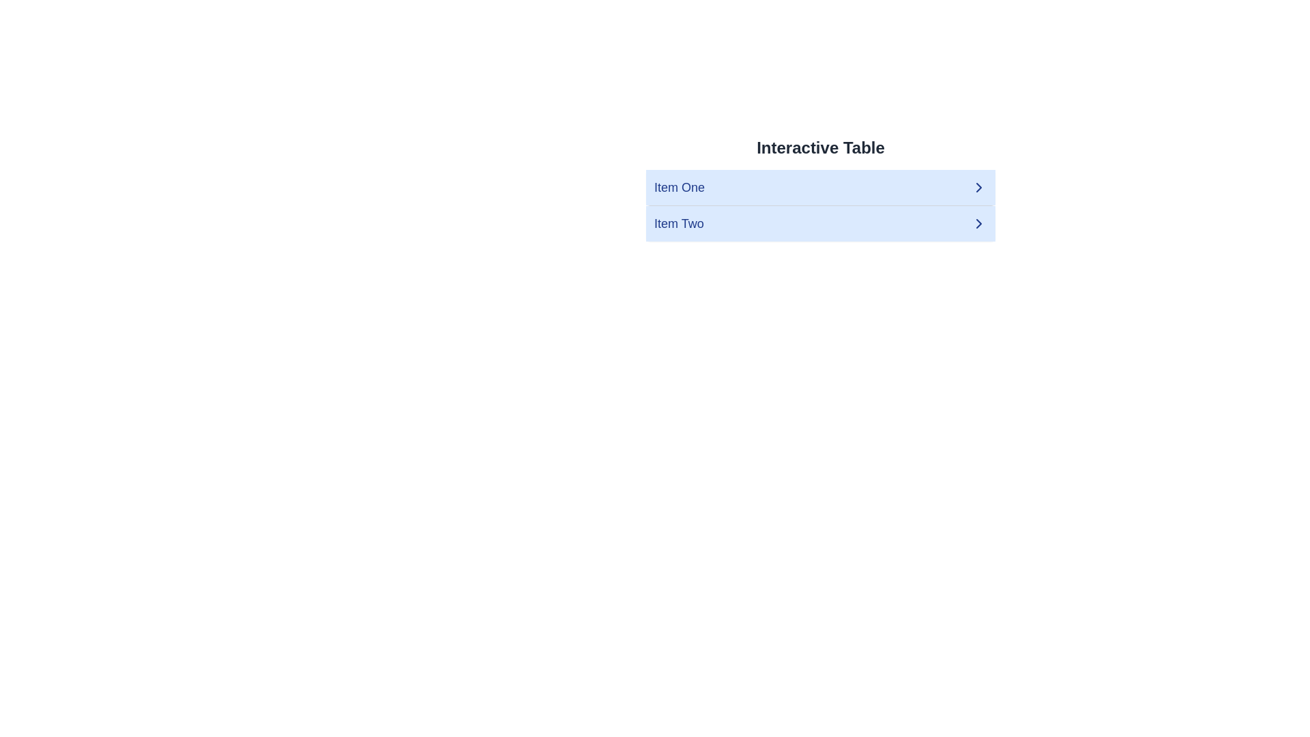 This screenshot has width=1310, height=737. What do you see at coordinates (978, 187) in the screenshot?
I see `the navigation icon` at bounding box center [978, 187].